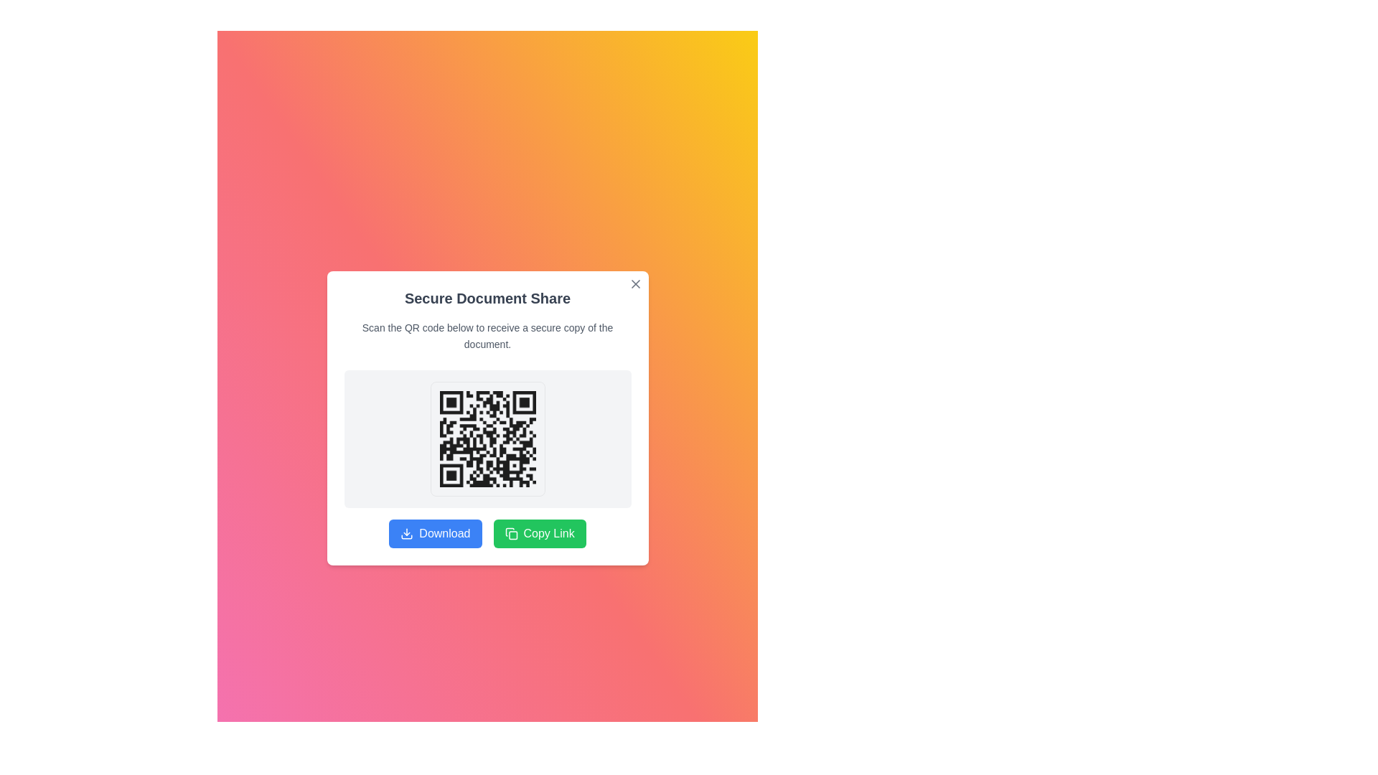 Image resolution: width=1378 pixels, height=775 pixels. I want to click on the text heading that says 'Secure Document Share', which is styled in bold and displayed in dark gray color at the top of a light-themed modal, so click(487, 298).